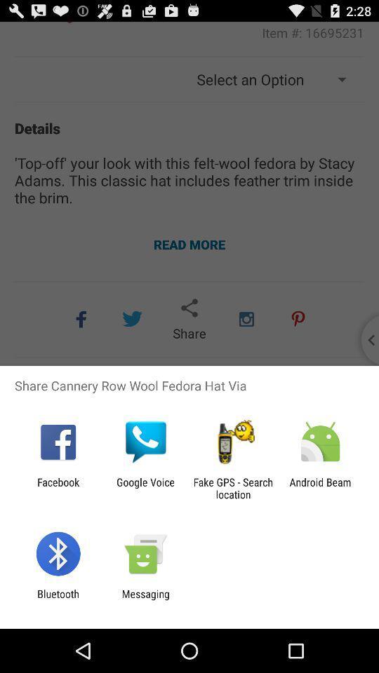 Image resolution: width=379 pixels, height=673 pixels. What do you see at coordinates (58, 599) in the screenshot?
I see `item next to the messaging` at bounding box center [58, 599].